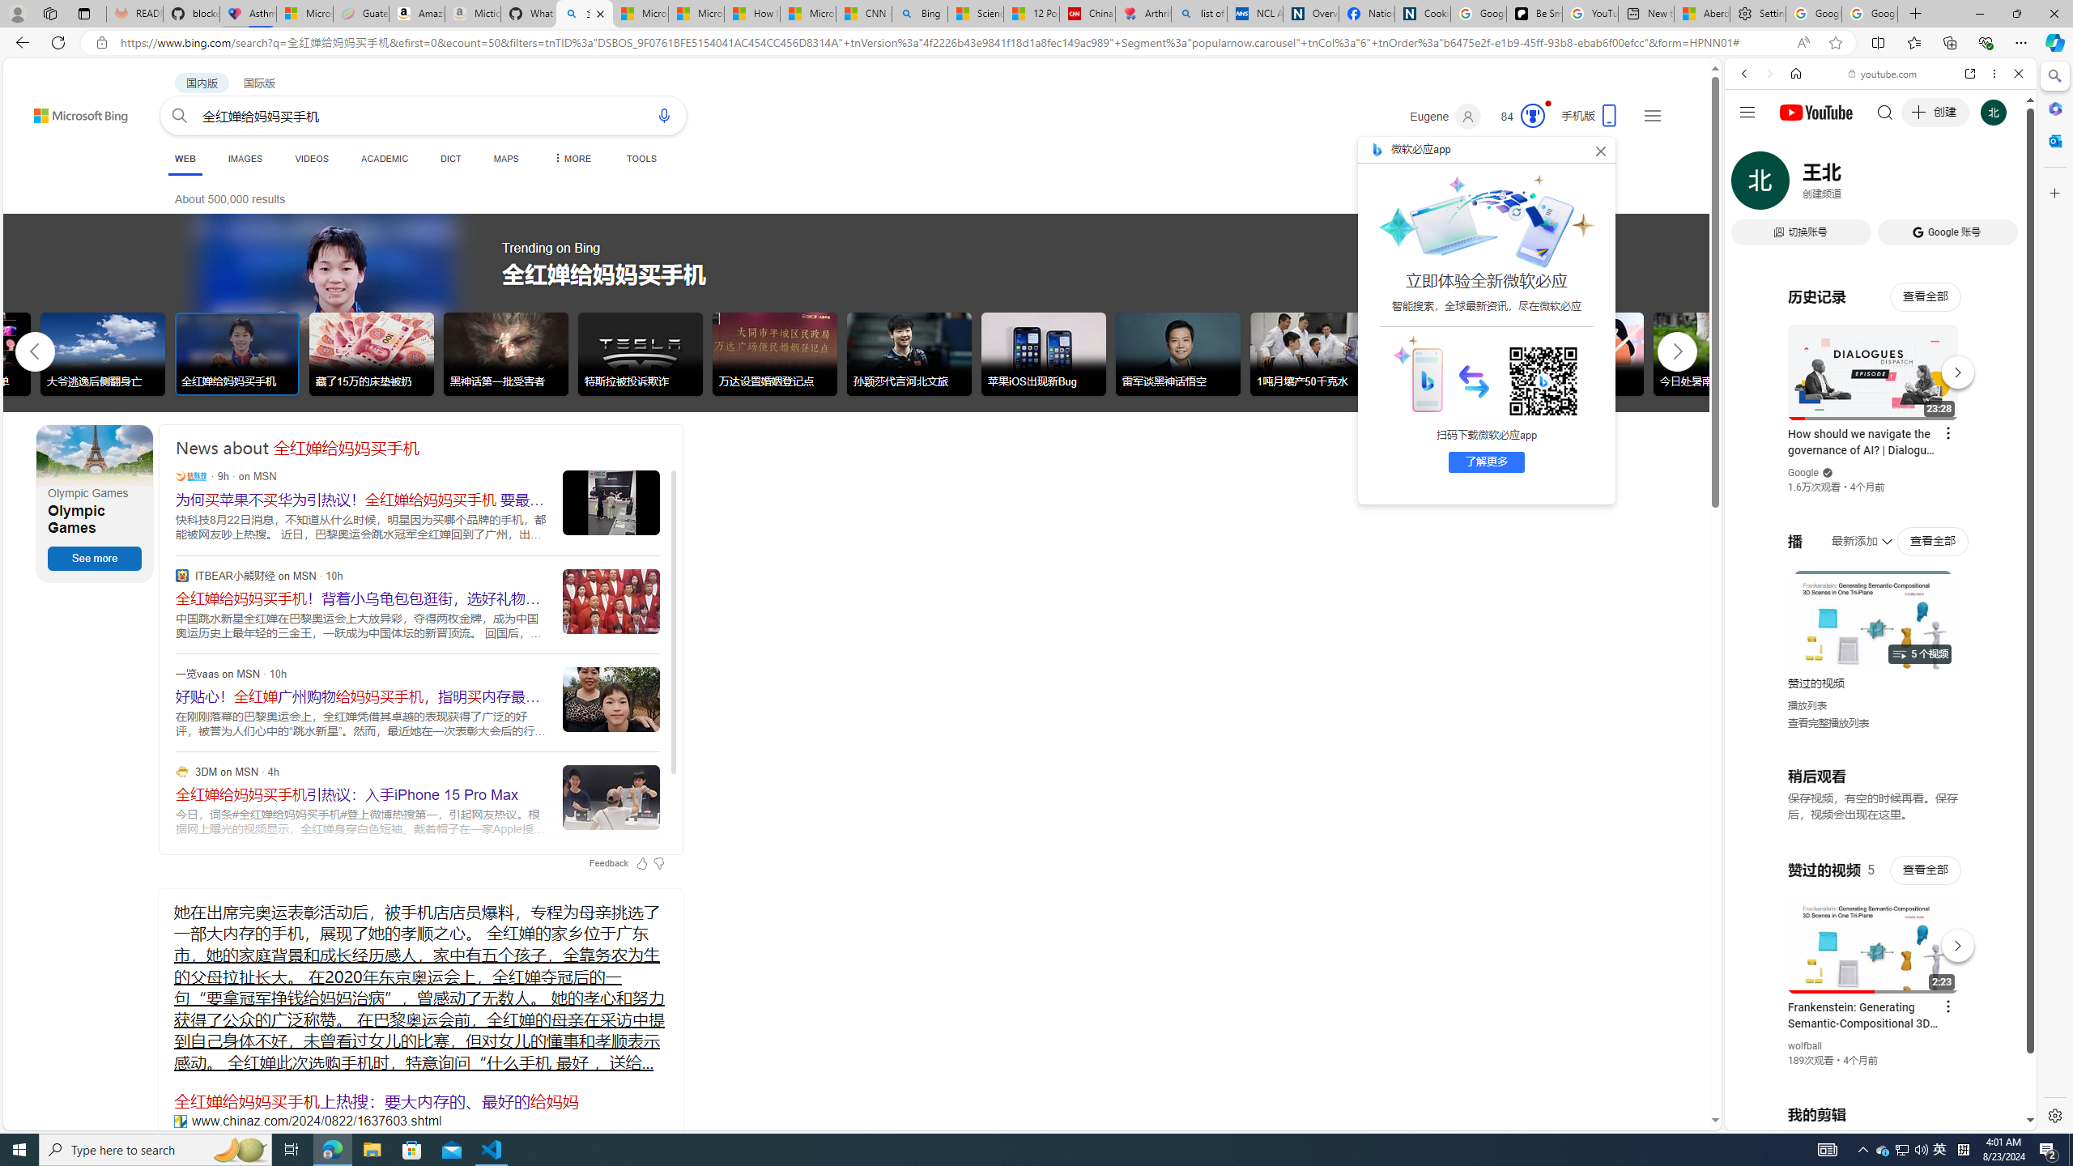  What do you see at coordinates (2003, 650) in the screenshot?
I see `'Click to scroll right'` at bounding box center [2003, 650].